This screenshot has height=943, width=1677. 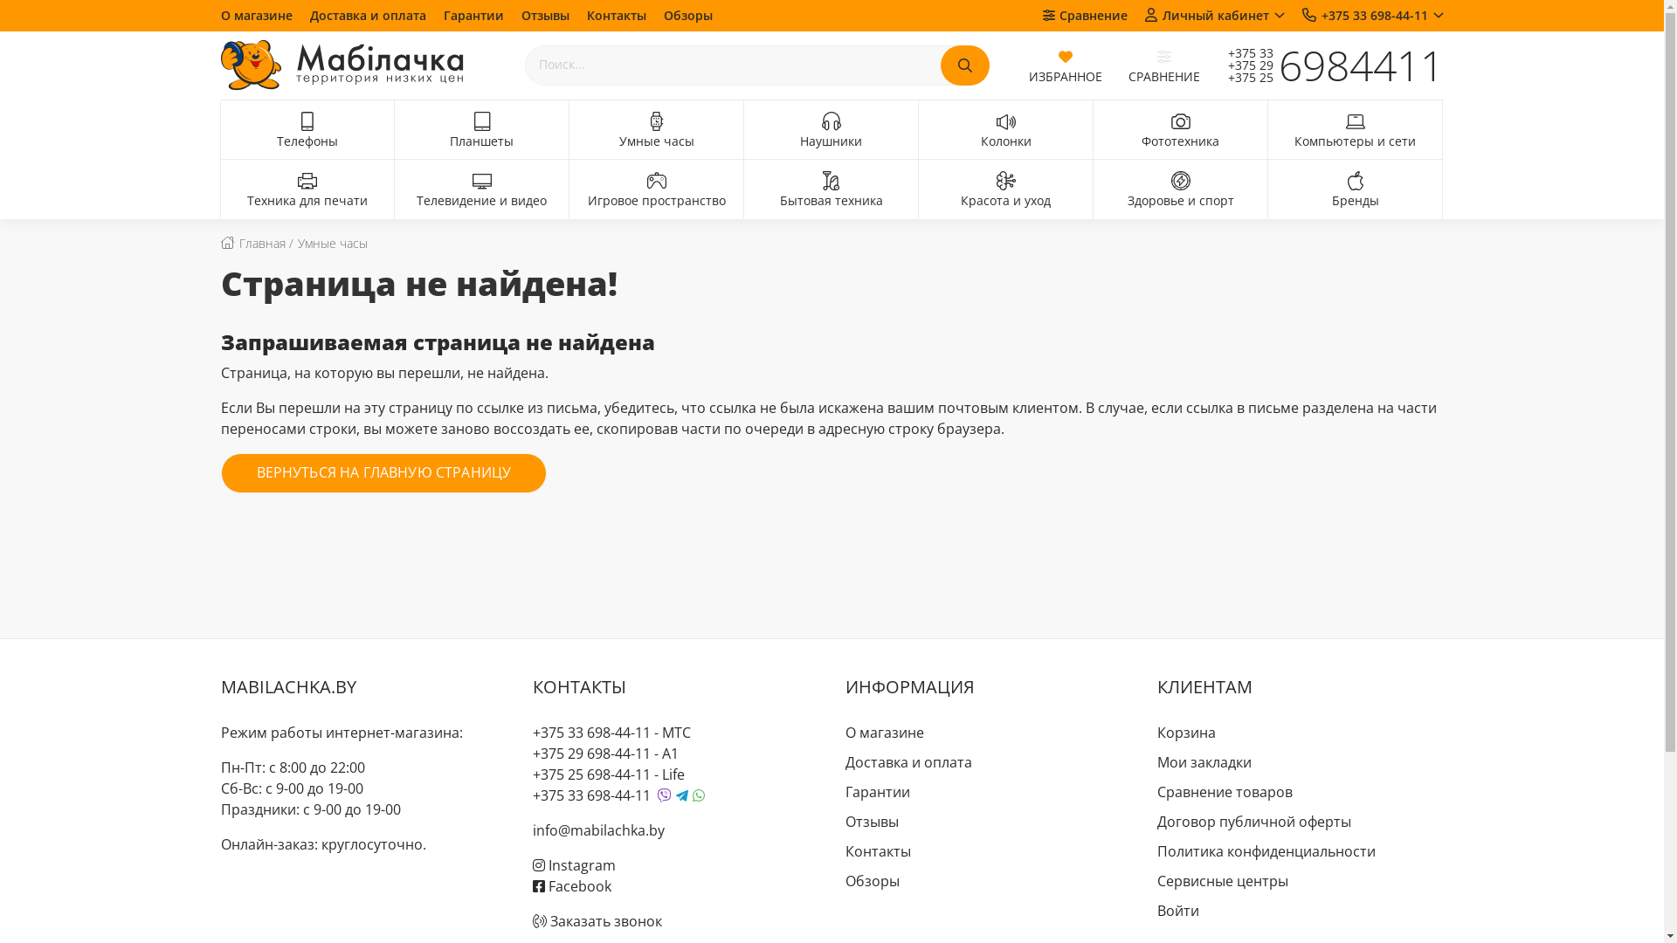 What do you see at coordinates (1241, 64) in the screenshot?
I see `'+375 29'` at bounding box center [1241, 64].